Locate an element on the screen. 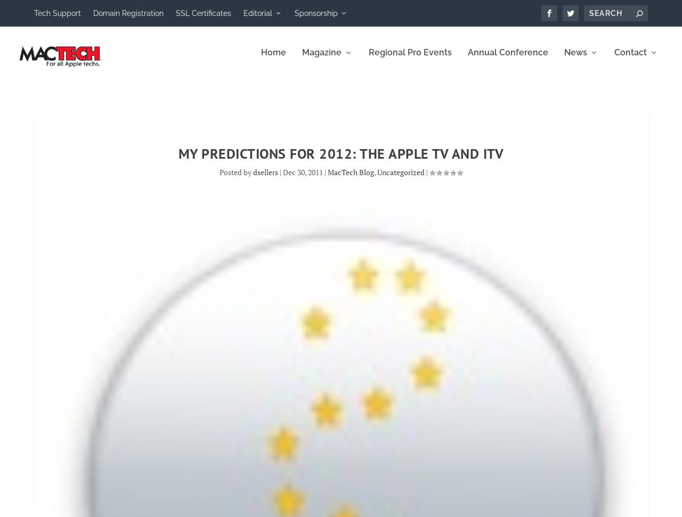  'Customer Service' is located at coordinates (587, 113).